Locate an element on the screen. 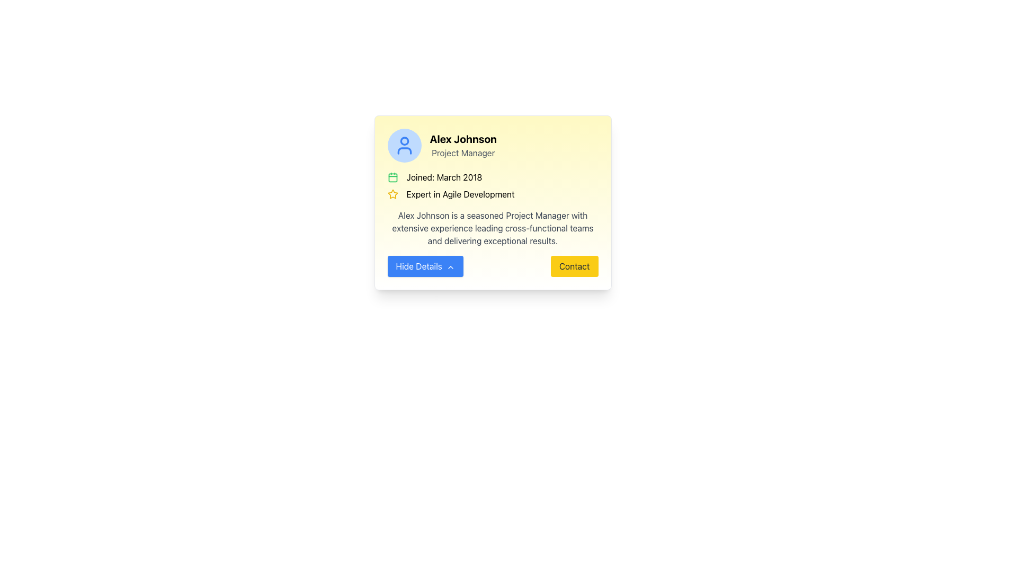 The width and height of the screenshot is (1017, 572). information displayed in the text label that reads 'Joined: March 2018', positioned to the right of a green calendar icon is located at coordinates (444, 177).